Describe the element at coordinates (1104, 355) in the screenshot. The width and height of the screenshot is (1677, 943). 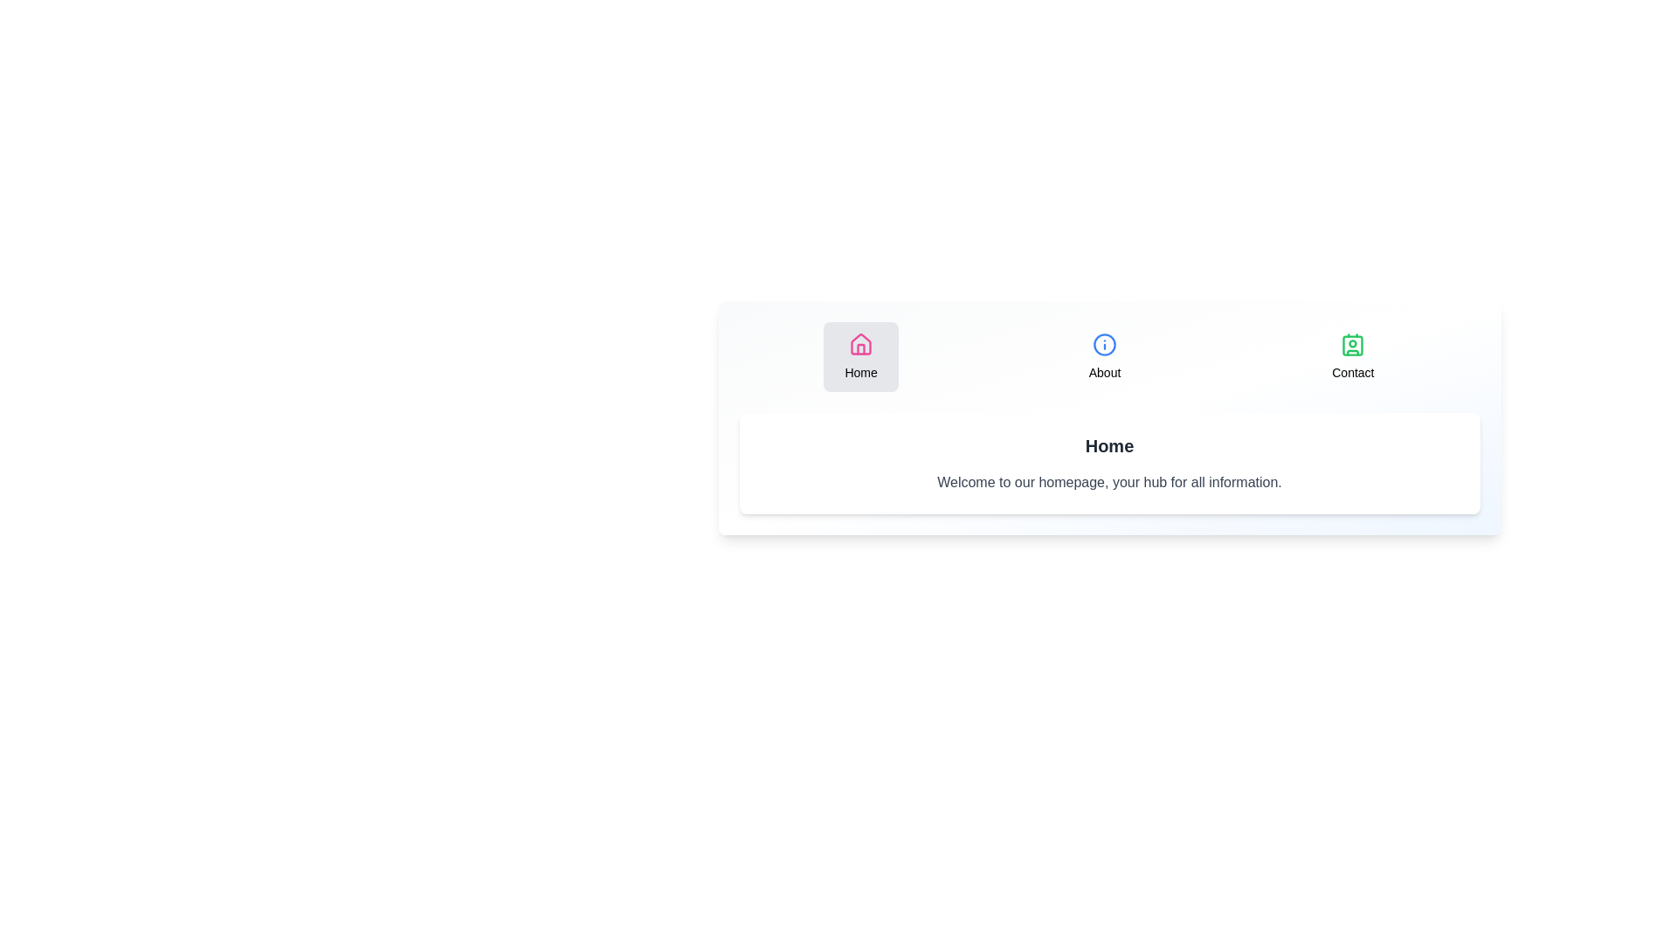
I see `the tab labeled About to preview its hover effect` at that location.